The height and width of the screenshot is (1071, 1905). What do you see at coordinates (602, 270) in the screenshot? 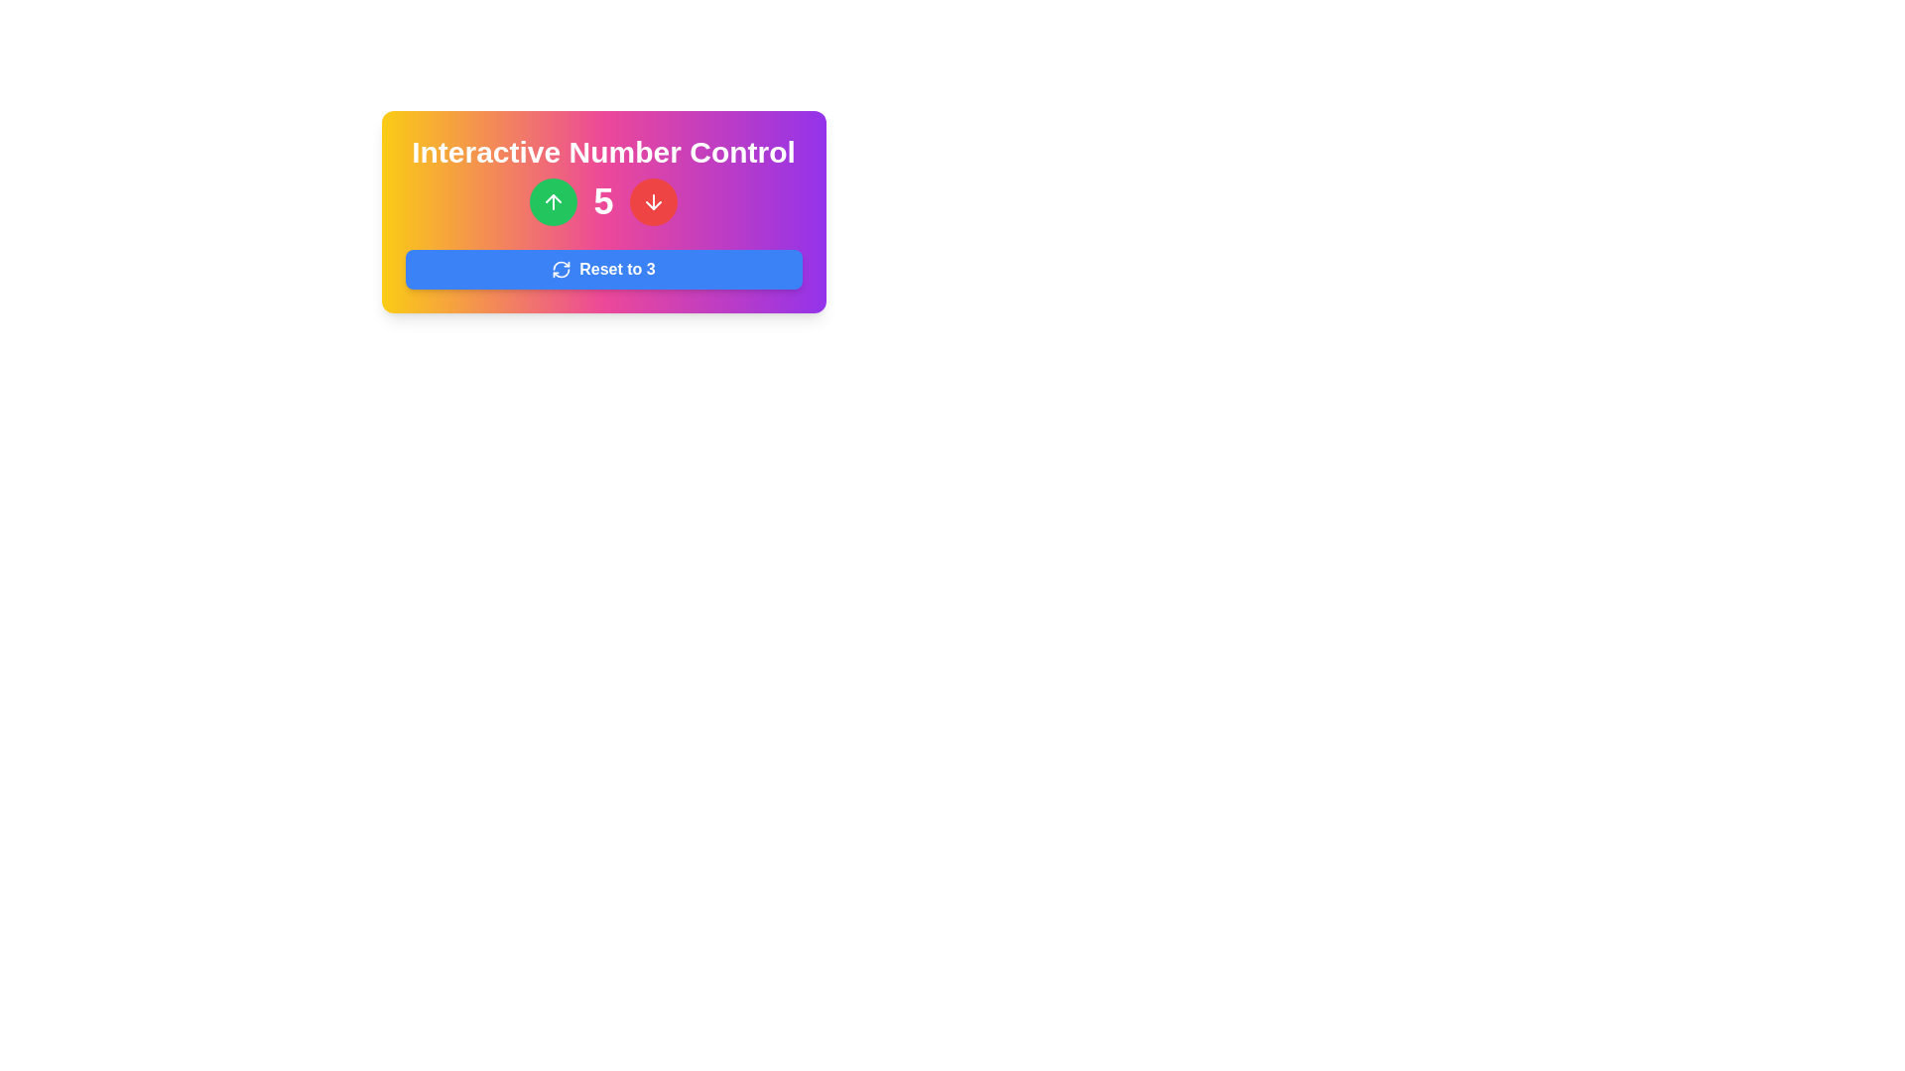
I see `the reset button located below the 'Interactive Number Control' title` at bounding box center [602, 270].